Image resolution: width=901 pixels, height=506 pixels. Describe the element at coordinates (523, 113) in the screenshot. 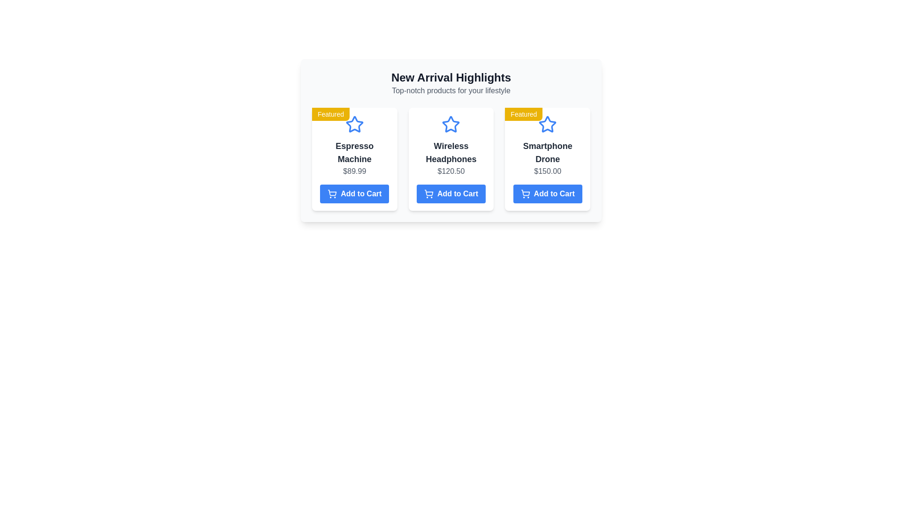

I see `the 'Featured' label of the 'Smartphone Drone' product, which is located at the top-left corner of the item card, above the blue star rating icon and below the title header` at that location.